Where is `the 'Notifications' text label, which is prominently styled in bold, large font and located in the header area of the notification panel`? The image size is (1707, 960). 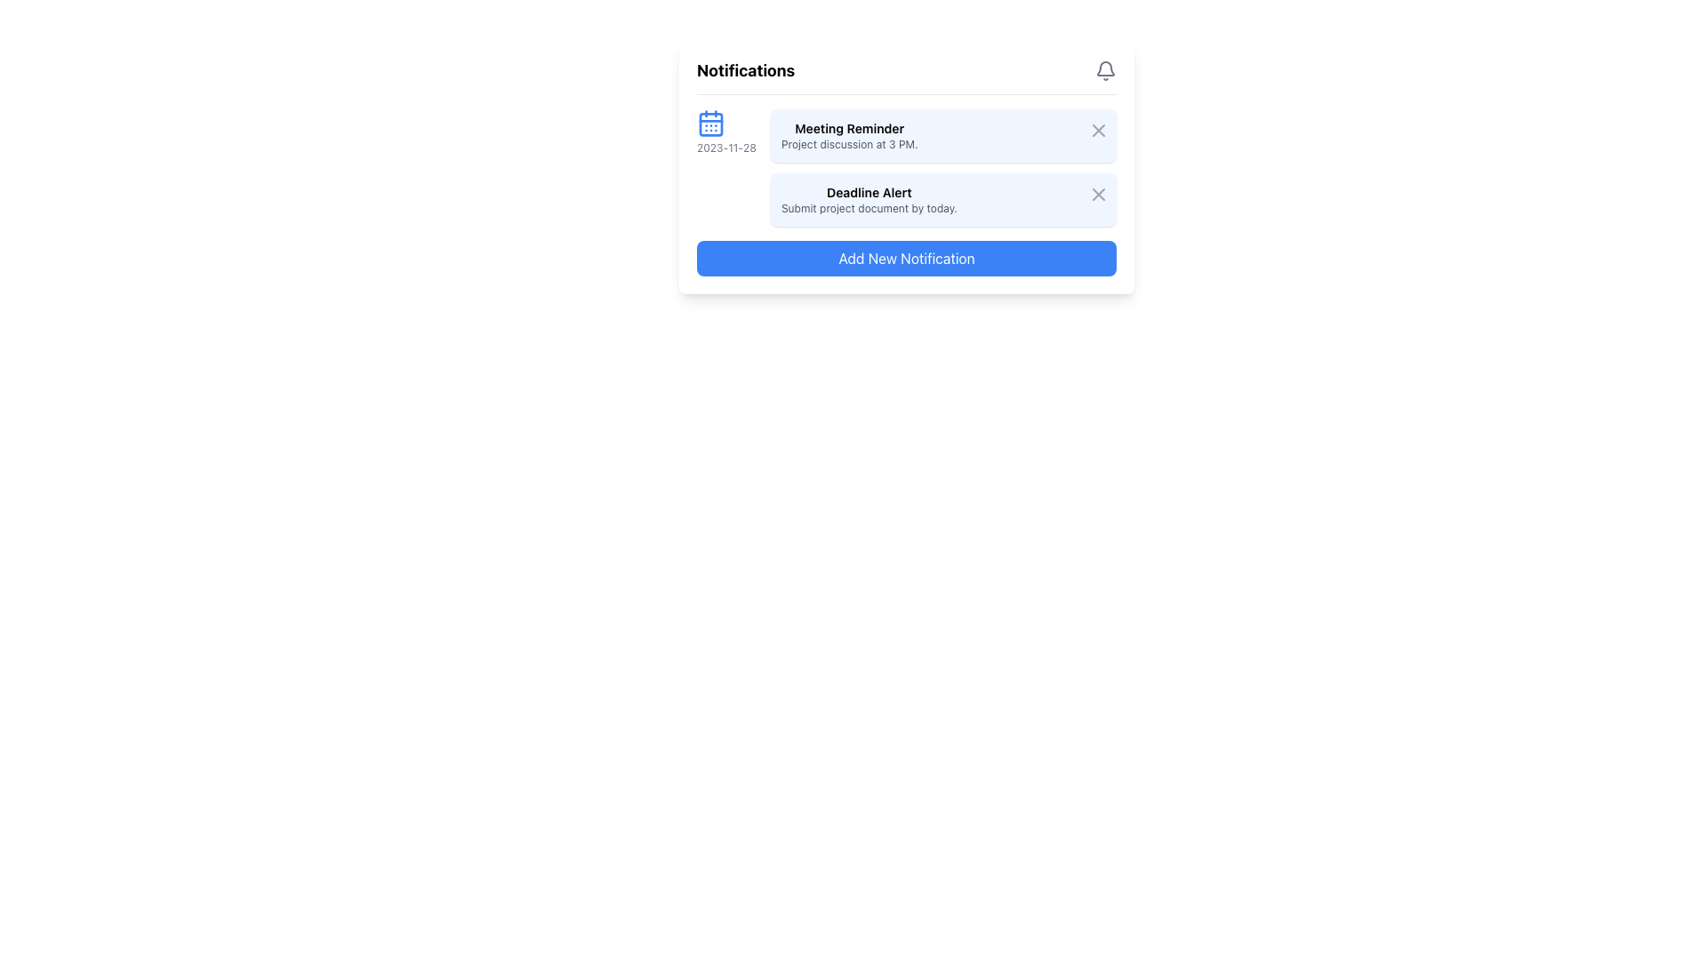
the 'Notifications' text label, which is prominently styled in bold, large font and located in the header area of the notification panel is located at coordinates (746, 70).